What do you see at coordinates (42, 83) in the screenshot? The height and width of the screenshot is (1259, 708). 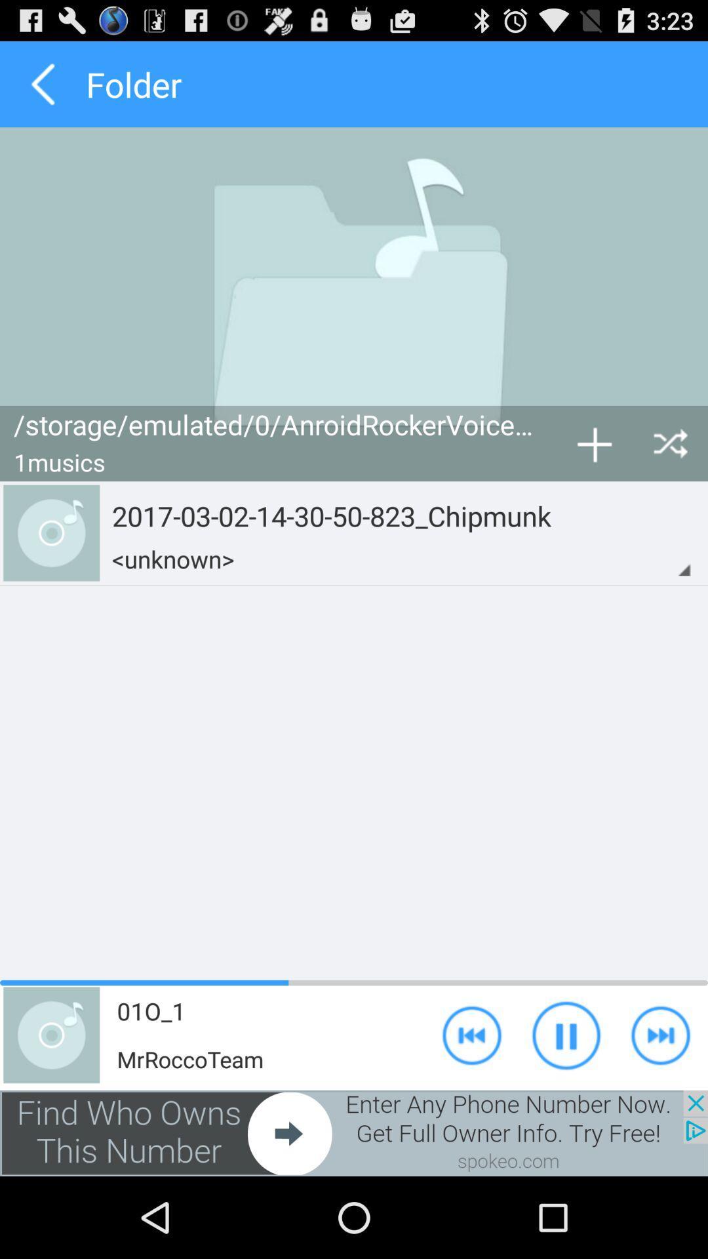 I see `previous` at bounding box center [42, 83].